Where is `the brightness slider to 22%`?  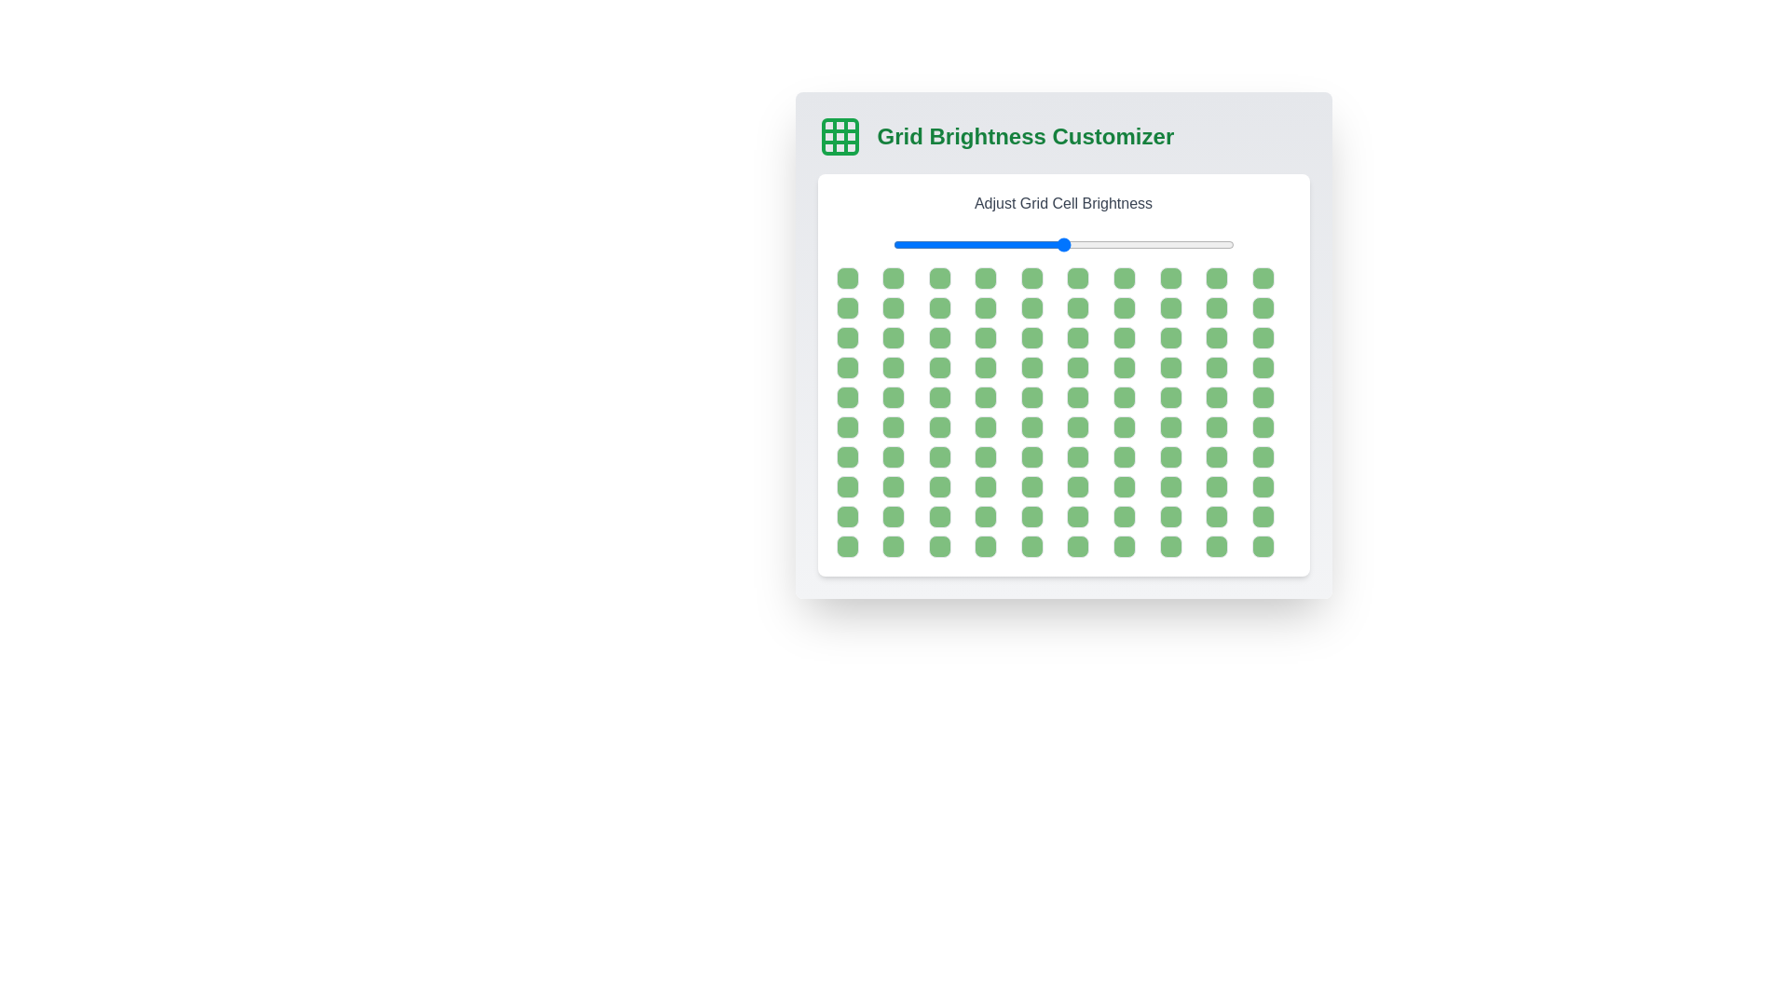 the brightness slider to 22% is located at coordinates (968, 243).